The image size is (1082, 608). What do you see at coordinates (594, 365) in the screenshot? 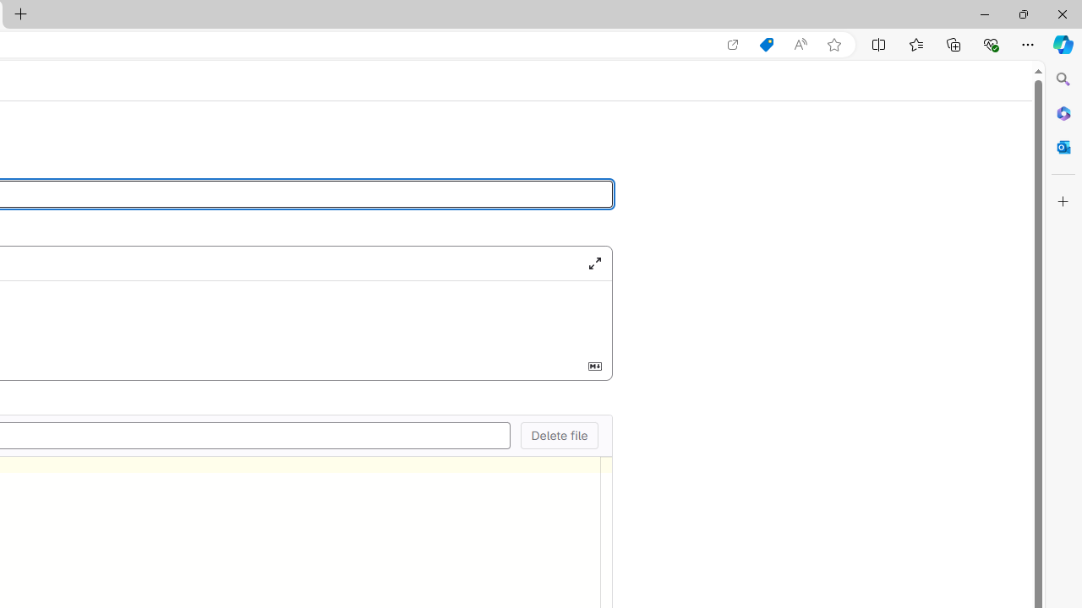
I see `'Markdown is supported'` at bounding box center [594, 365].